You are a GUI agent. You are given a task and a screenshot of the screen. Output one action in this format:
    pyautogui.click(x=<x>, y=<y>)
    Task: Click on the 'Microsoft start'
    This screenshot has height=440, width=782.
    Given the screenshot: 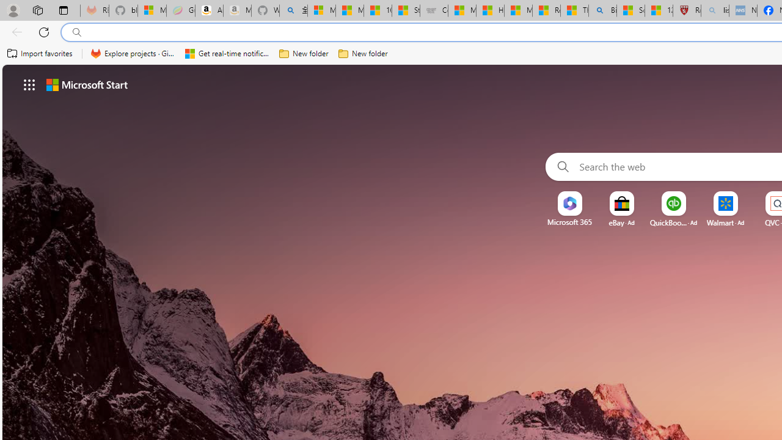 What is the action you would take?
    pyautogui.click(x=86, y=84)
    